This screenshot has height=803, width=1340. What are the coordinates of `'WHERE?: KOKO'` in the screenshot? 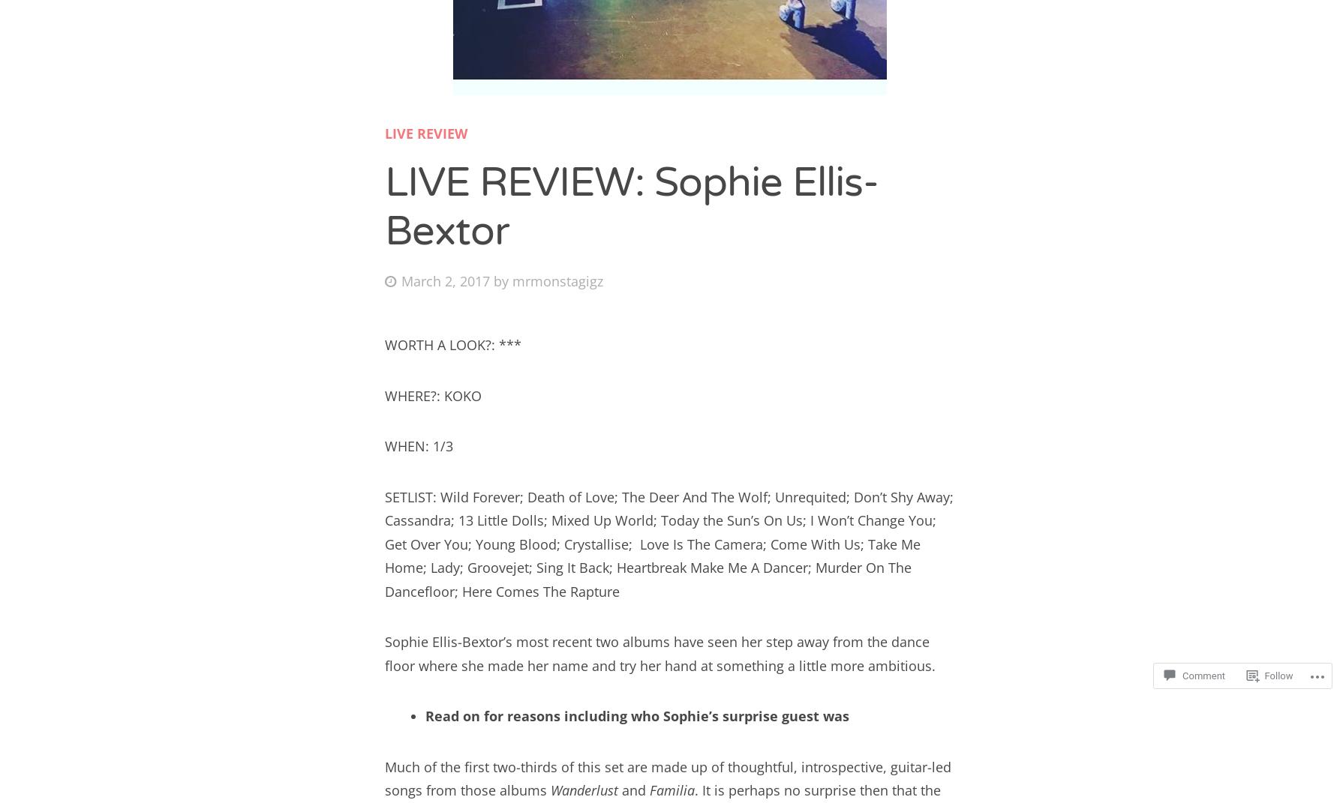 It's located at (432, 394).